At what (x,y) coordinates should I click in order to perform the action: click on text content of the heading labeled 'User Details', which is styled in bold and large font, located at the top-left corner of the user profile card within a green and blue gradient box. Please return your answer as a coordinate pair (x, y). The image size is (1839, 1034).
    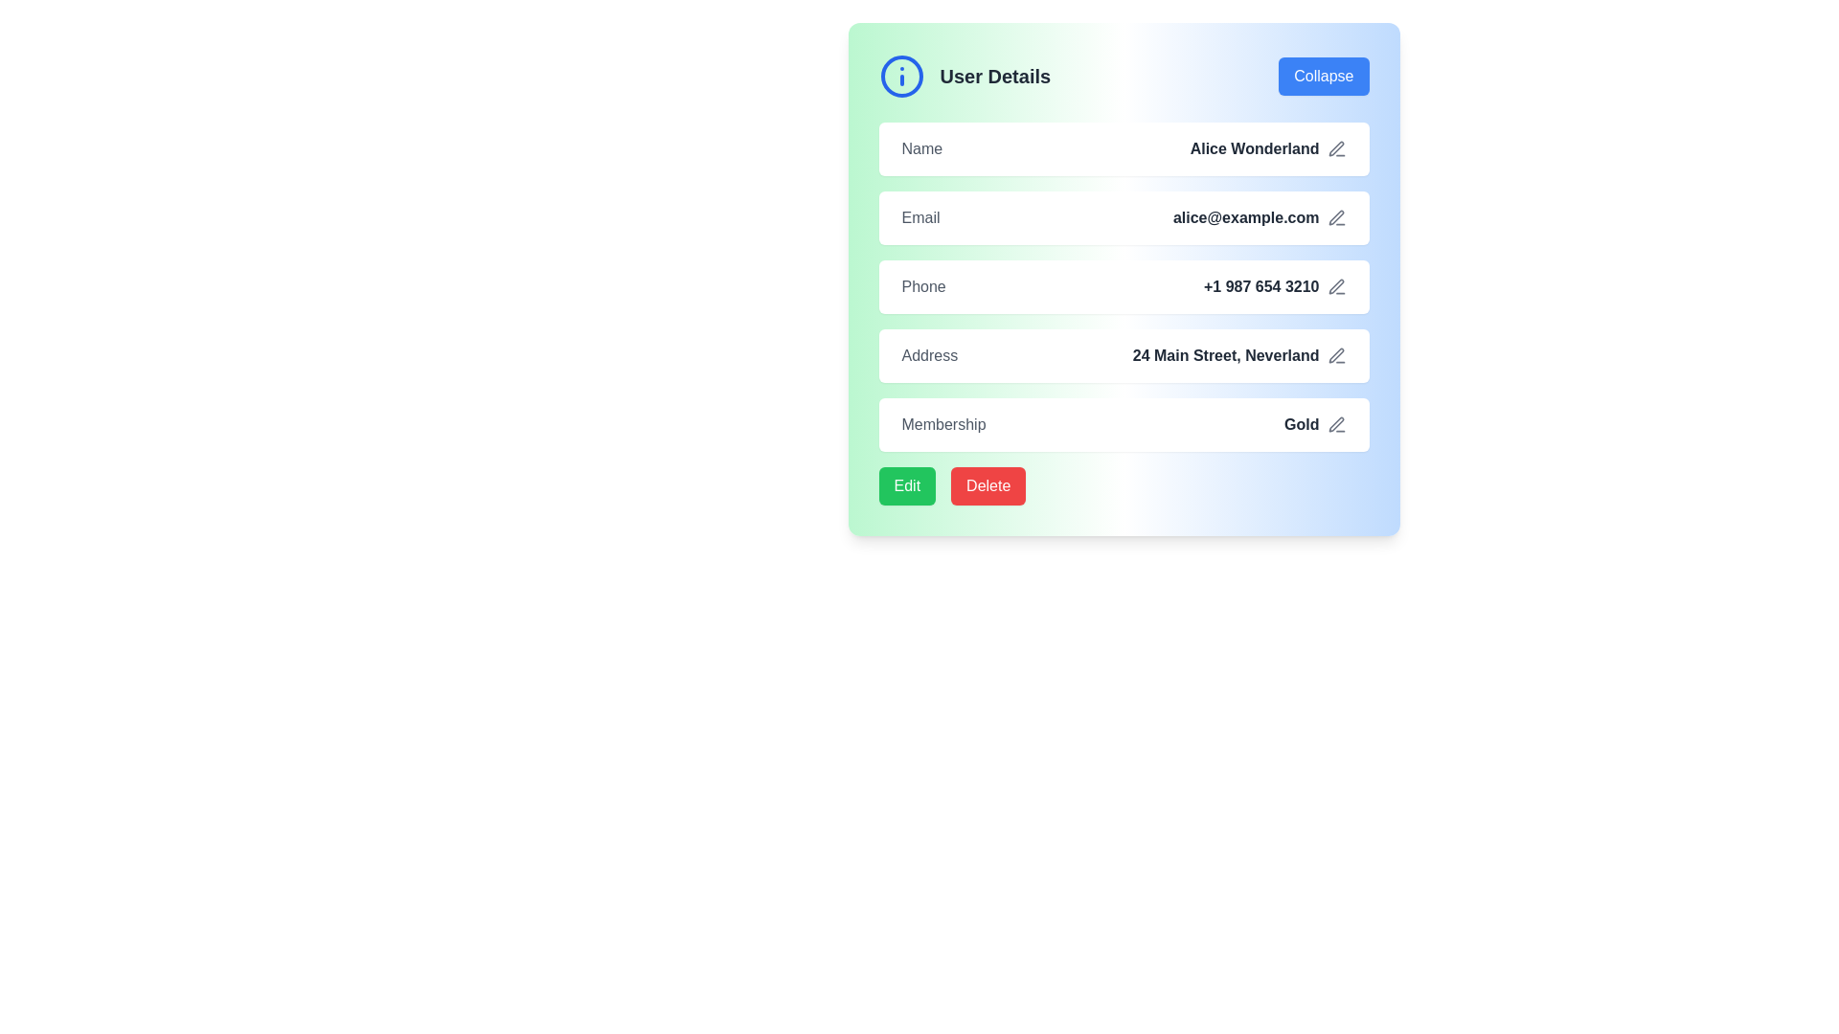
    Looking at the image, I should click on (995, 76).